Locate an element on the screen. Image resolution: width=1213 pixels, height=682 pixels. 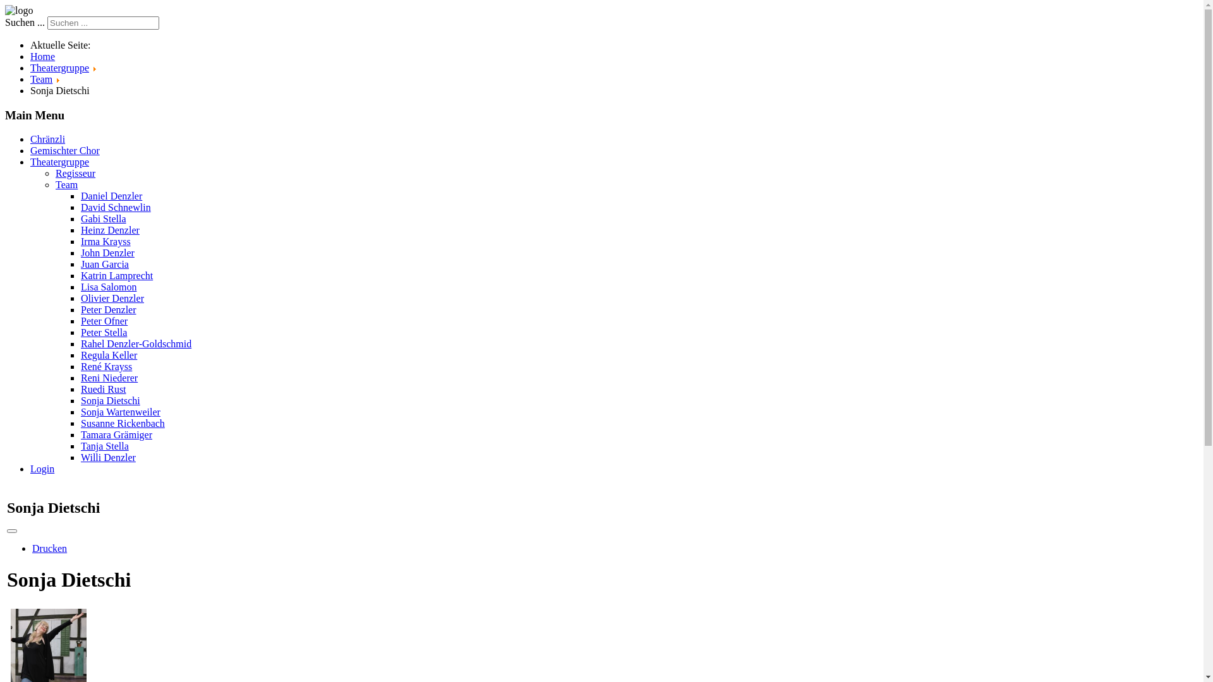
'Peter Ofner' is located at coordinates (80, 320).